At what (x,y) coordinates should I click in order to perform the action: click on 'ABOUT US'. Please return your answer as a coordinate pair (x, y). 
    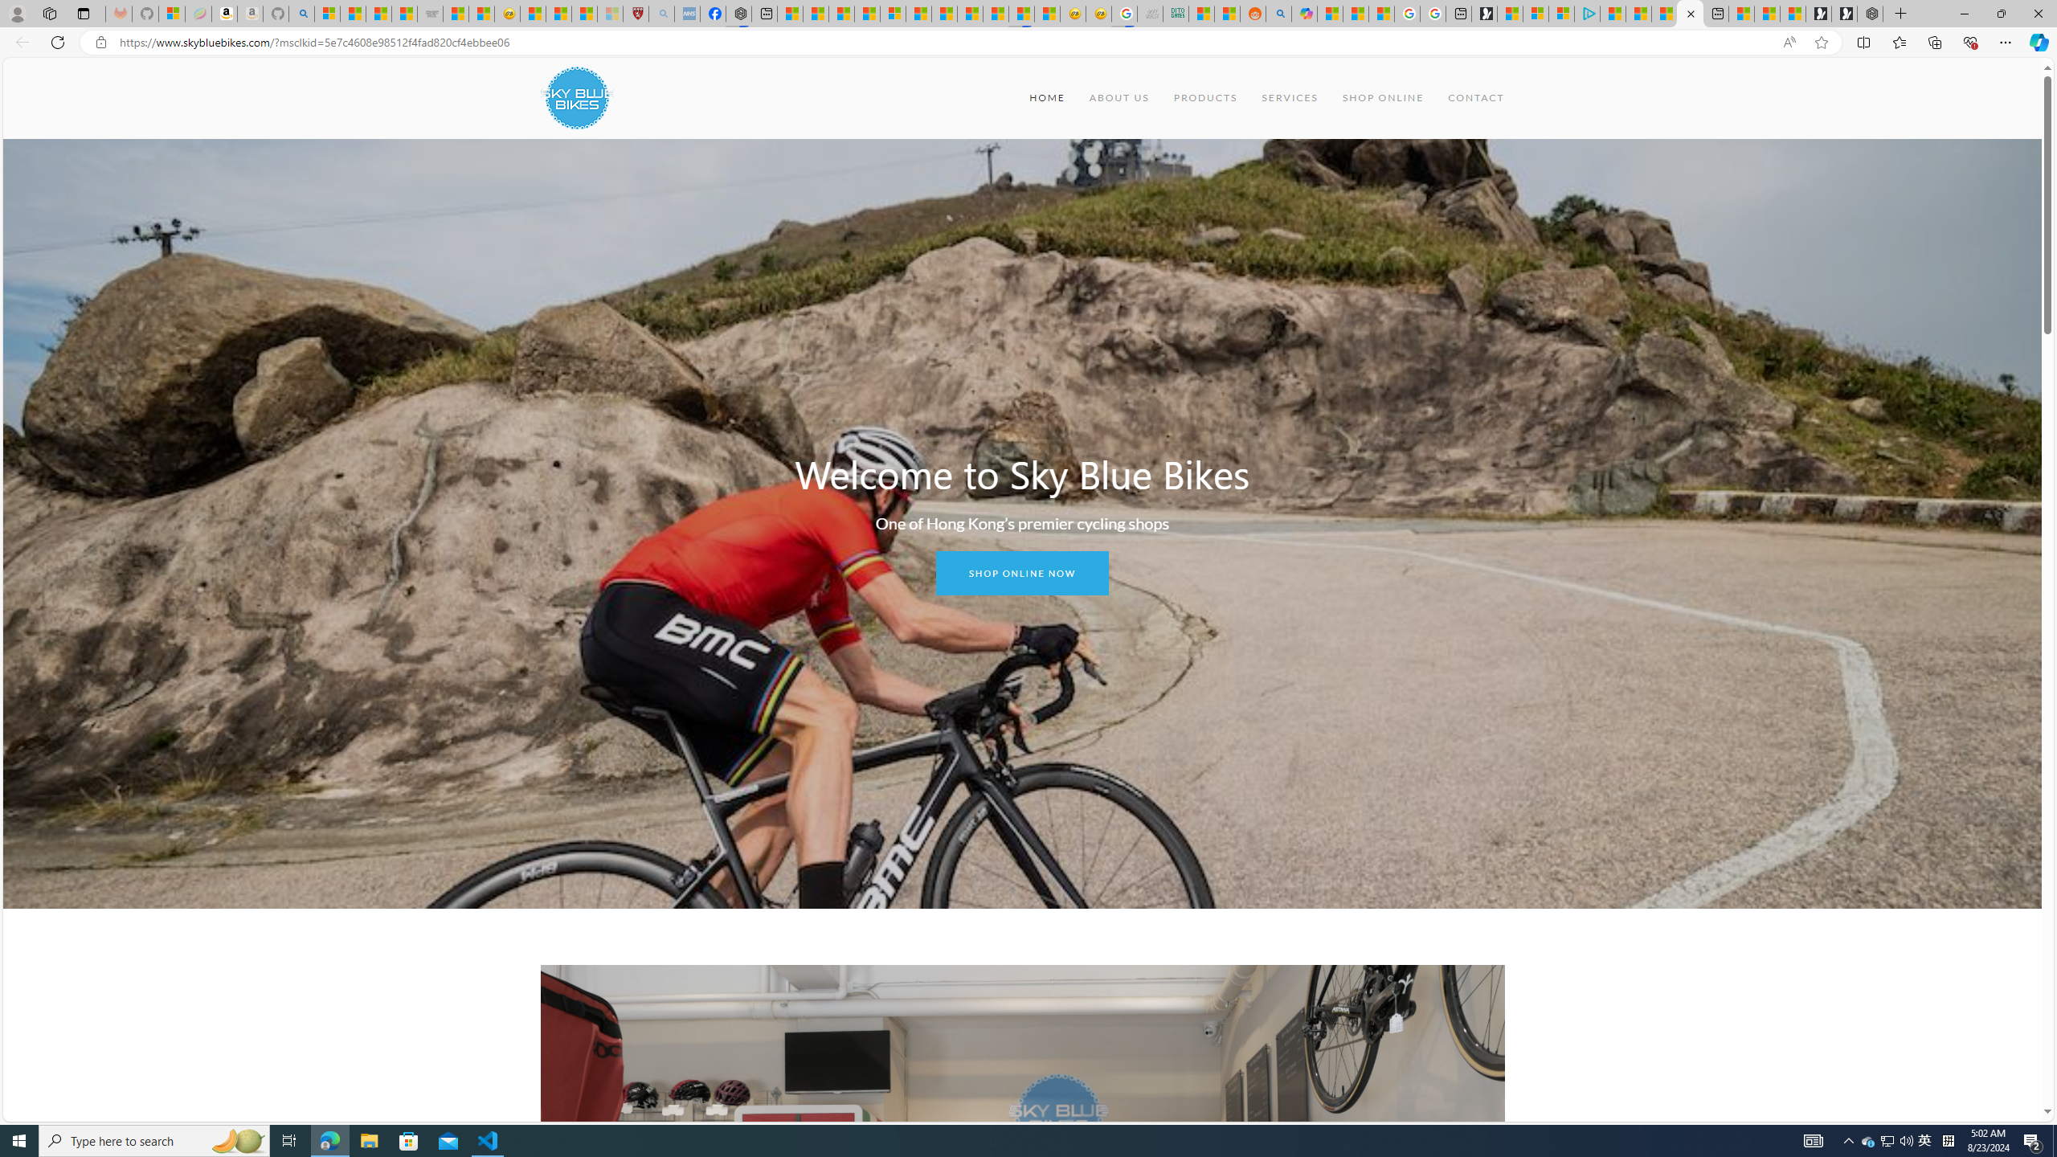
    Looking at the image, I should click on (1118, 96).